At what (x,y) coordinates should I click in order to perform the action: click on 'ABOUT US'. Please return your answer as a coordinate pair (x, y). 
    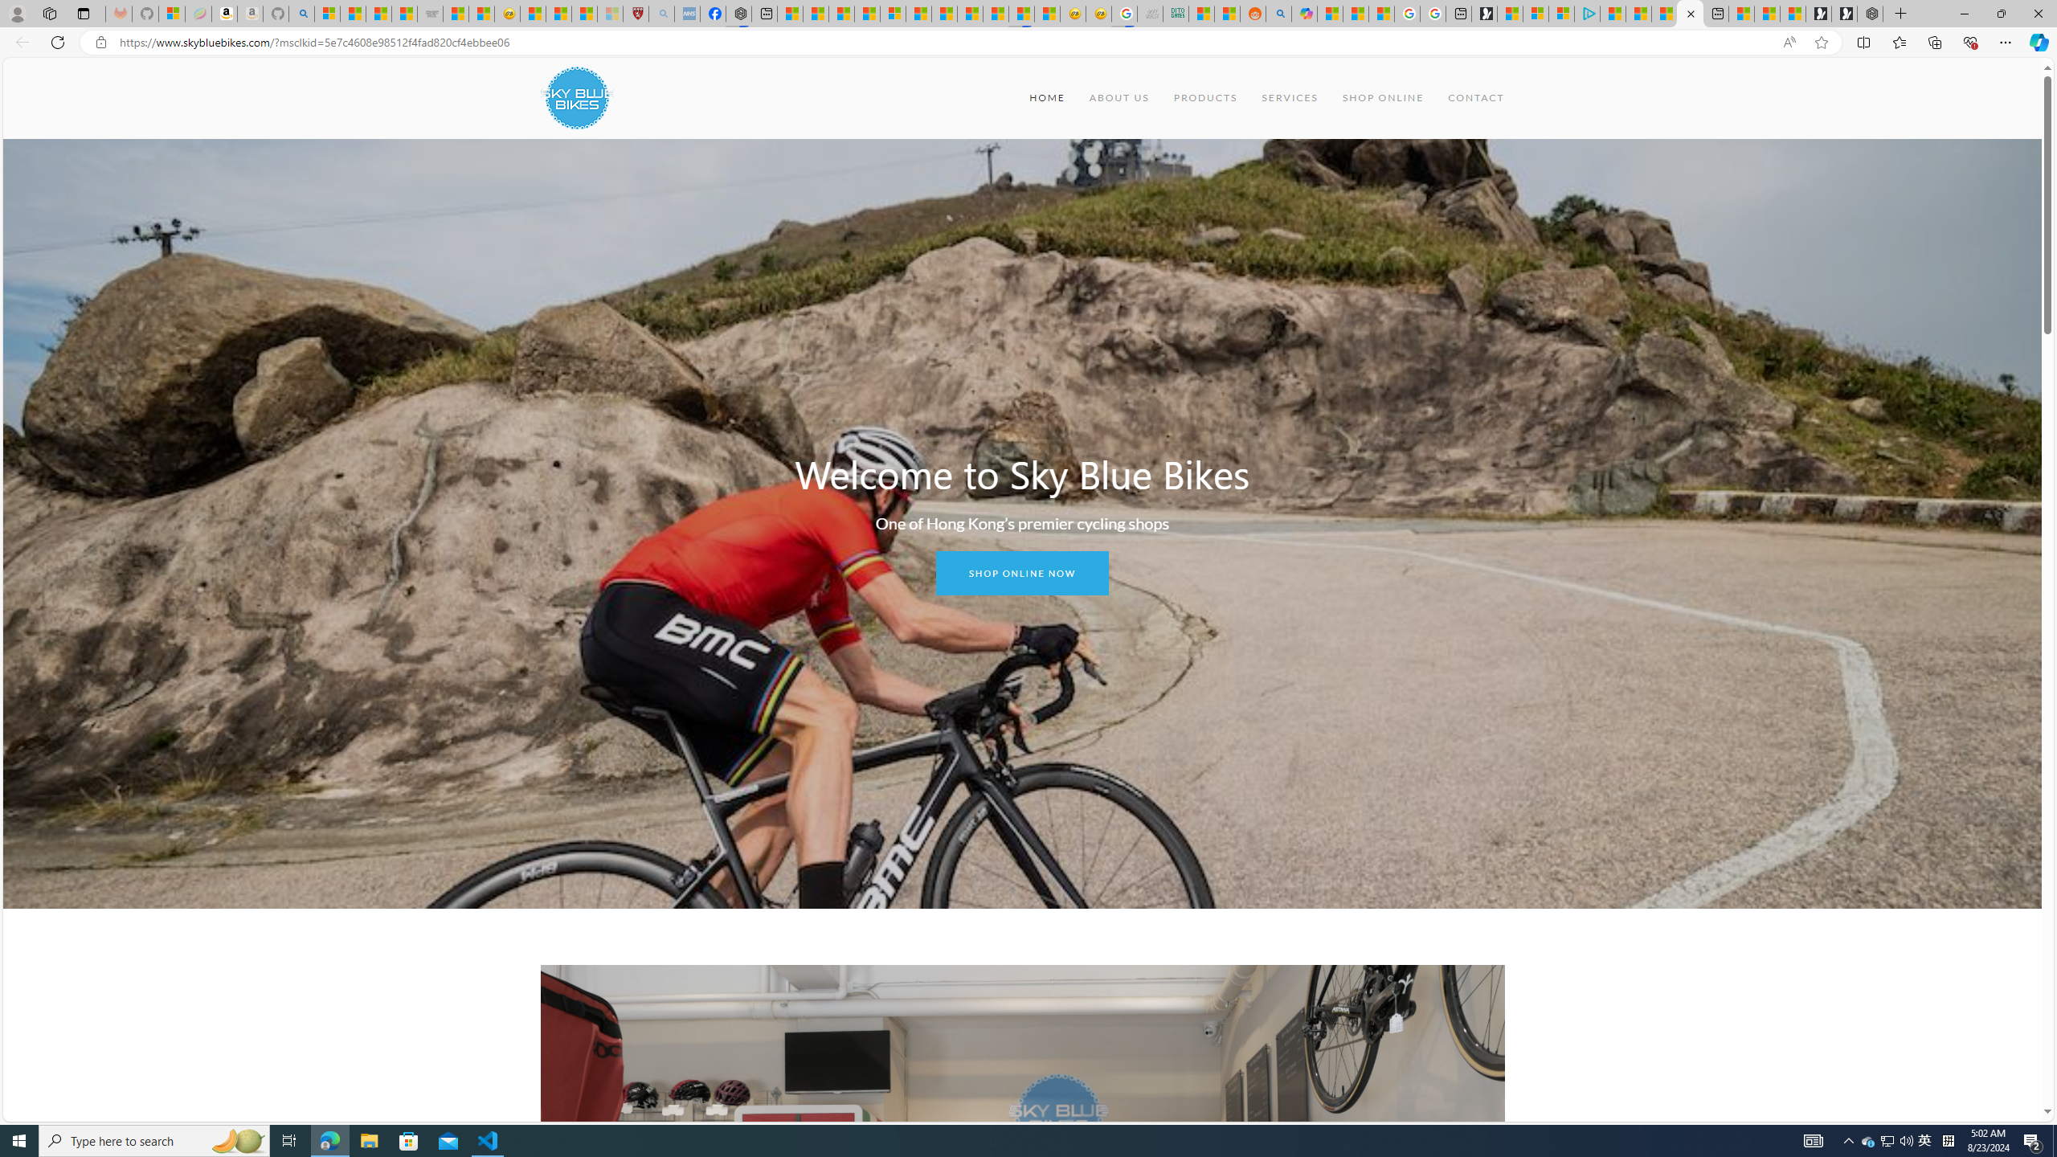
    Looking at the image, I should click on (1118, 96).